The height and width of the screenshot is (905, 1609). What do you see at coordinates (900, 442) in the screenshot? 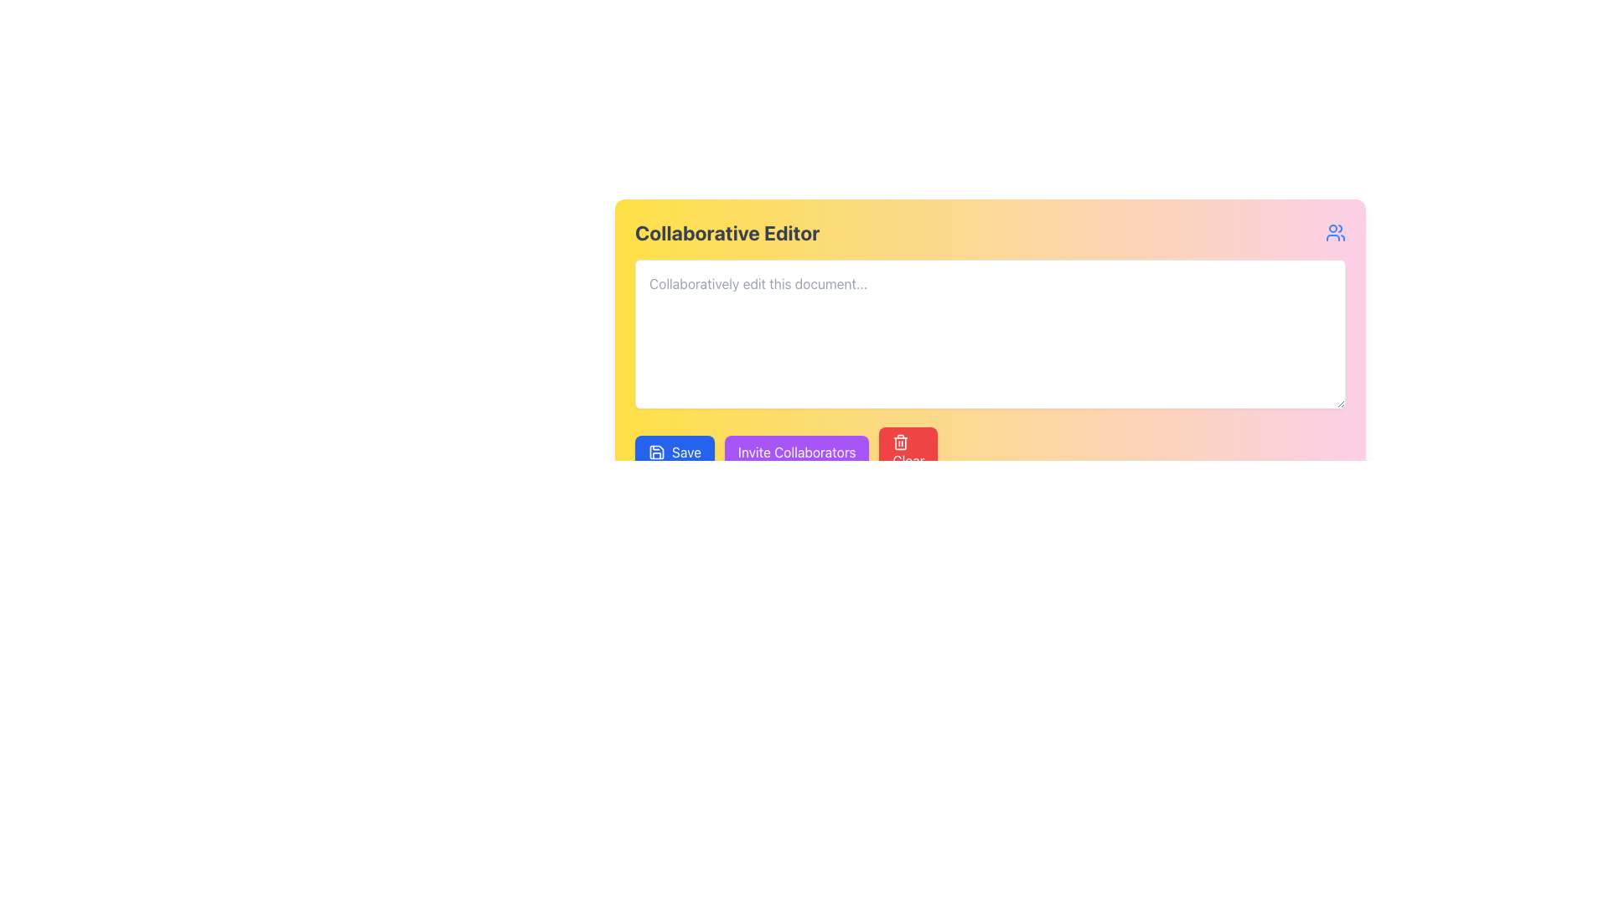
I see `the decorative icon located within the red 'Clear' button on the right side of the button set beneath the text editor` at bounding box center [900, 442].